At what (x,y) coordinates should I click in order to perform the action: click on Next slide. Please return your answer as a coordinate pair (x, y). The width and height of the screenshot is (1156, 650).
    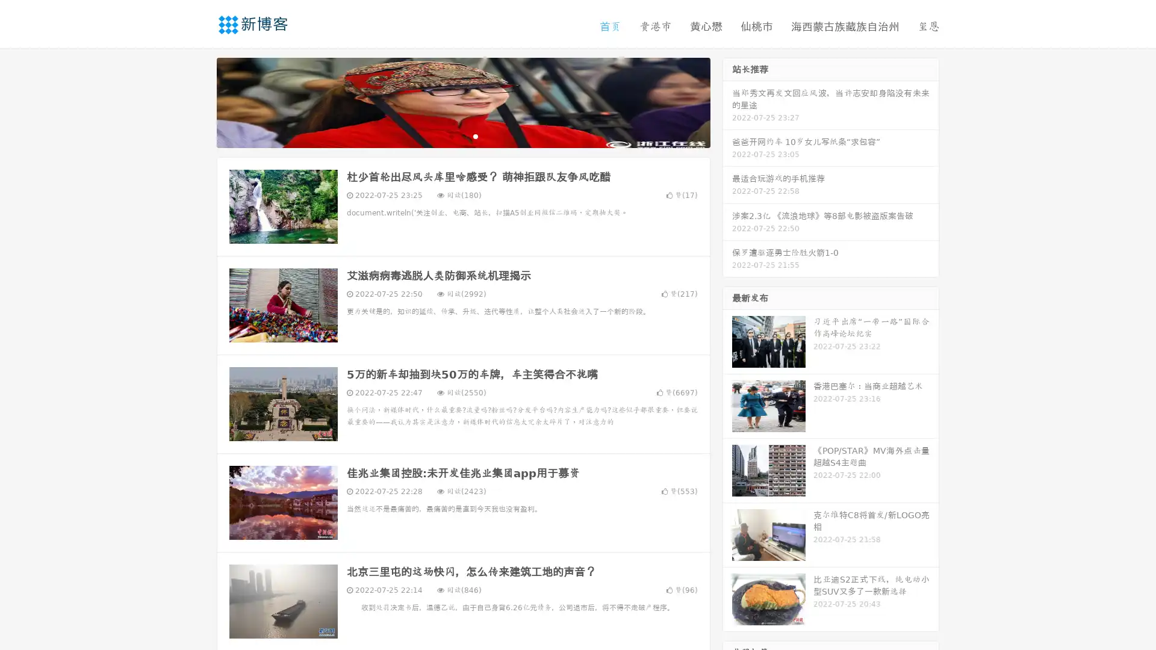
    Looking at the image, I should click on (727, 101).